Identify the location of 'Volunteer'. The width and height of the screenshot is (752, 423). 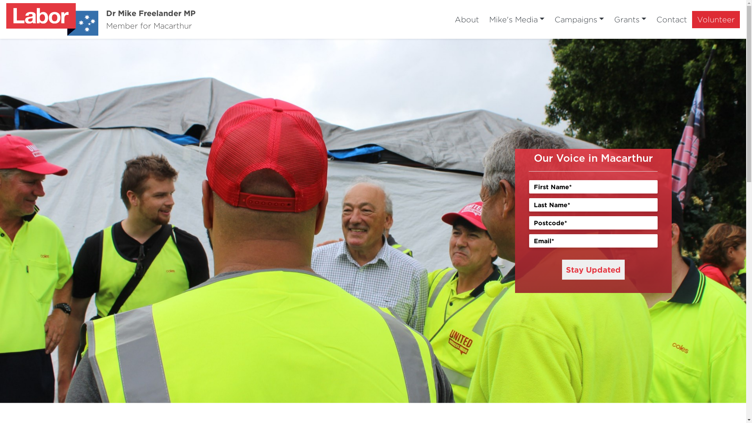
(692, 19).